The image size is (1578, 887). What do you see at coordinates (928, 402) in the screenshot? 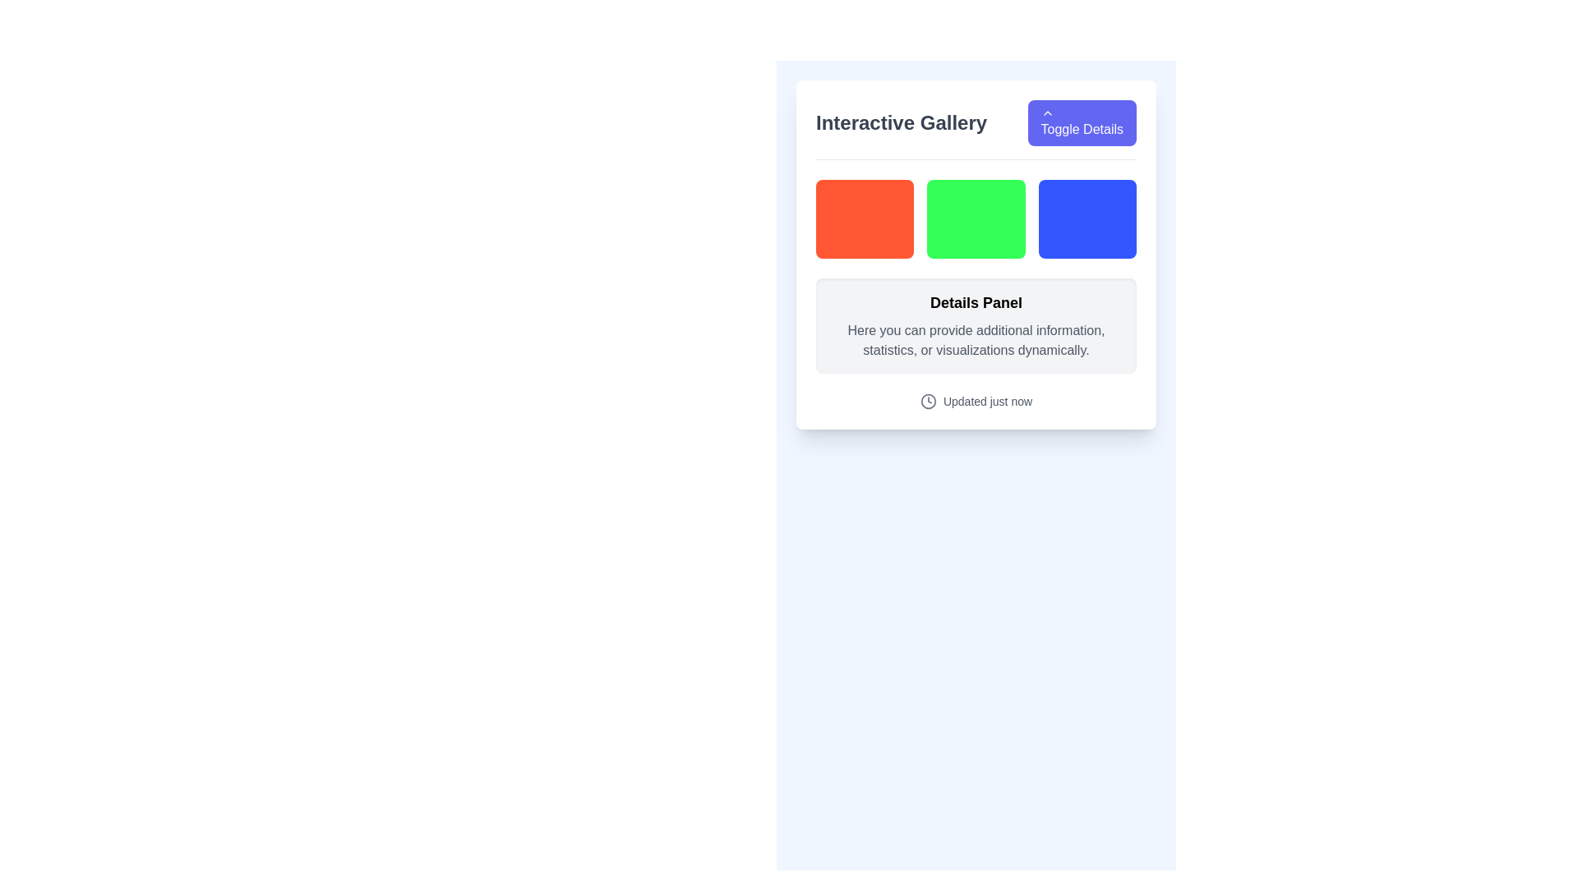
I see `time indicator icon located in the 'Details Panel' section, adjacent to the text 'Updated just now'` at bounding box center [928, 402].